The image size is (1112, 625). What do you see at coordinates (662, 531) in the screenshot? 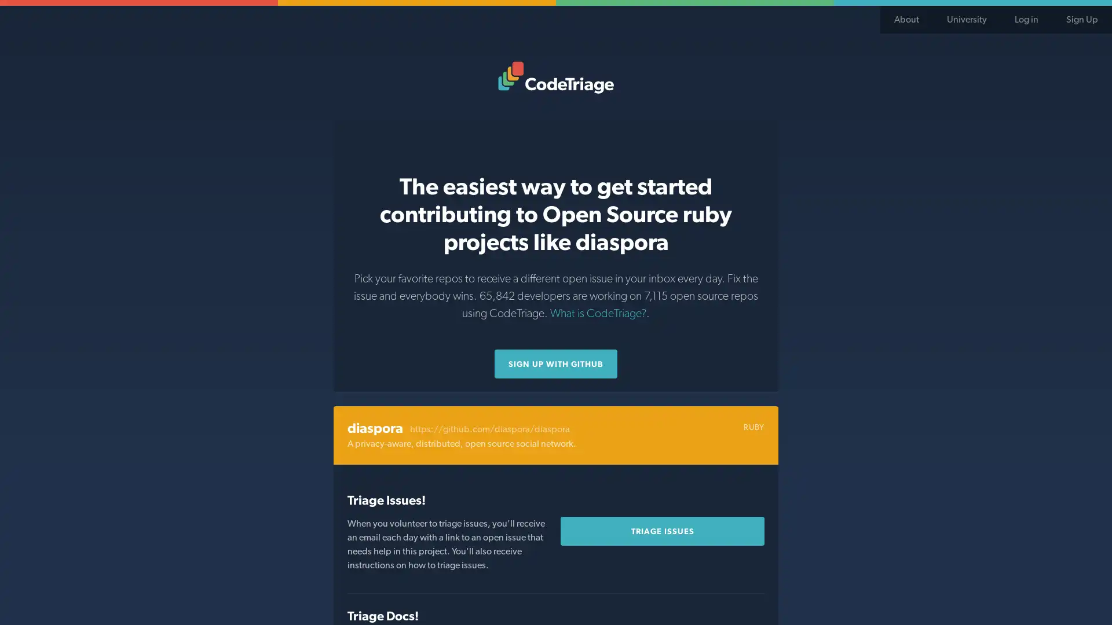
I see `Triage Issues` at bounding box center [662, 531].